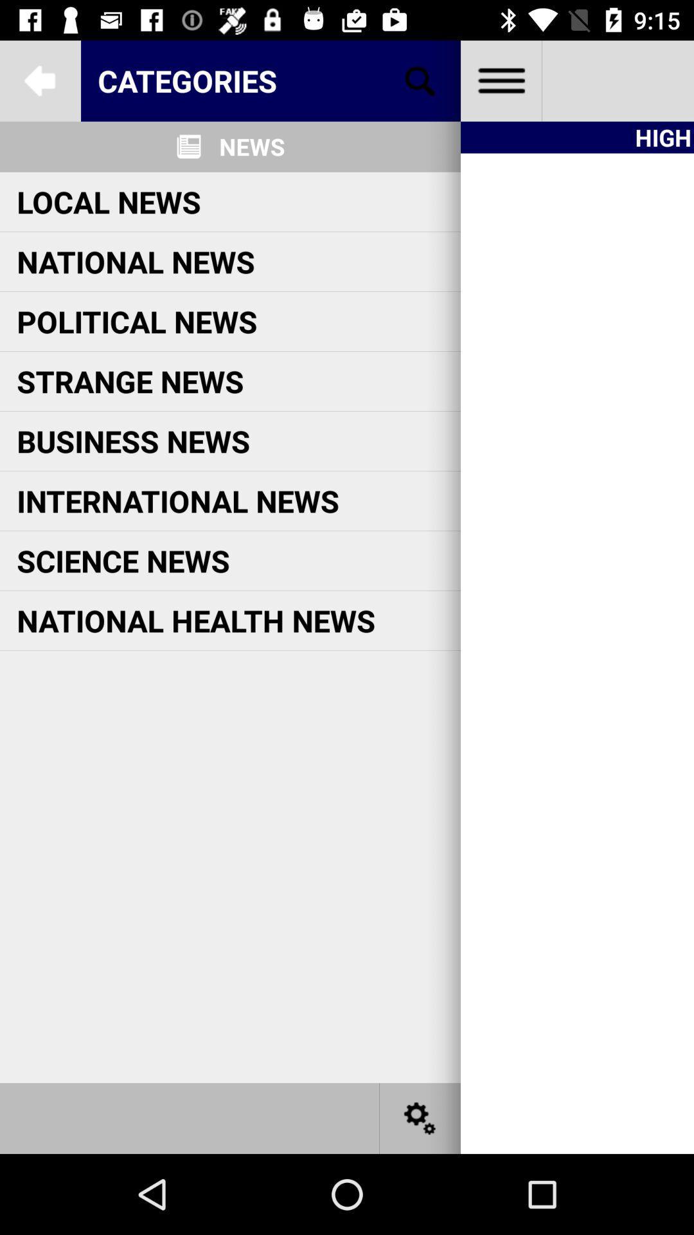  What do you see at coordinates (39, 80) in the screenshot?
I see `the arrow_backward icon` at bounding box center [39, 80].